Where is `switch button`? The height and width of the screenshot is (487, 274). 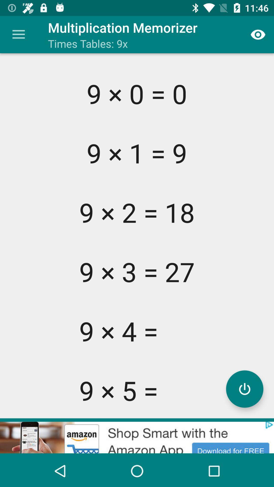
switch button is located at coordinates (244, 389).